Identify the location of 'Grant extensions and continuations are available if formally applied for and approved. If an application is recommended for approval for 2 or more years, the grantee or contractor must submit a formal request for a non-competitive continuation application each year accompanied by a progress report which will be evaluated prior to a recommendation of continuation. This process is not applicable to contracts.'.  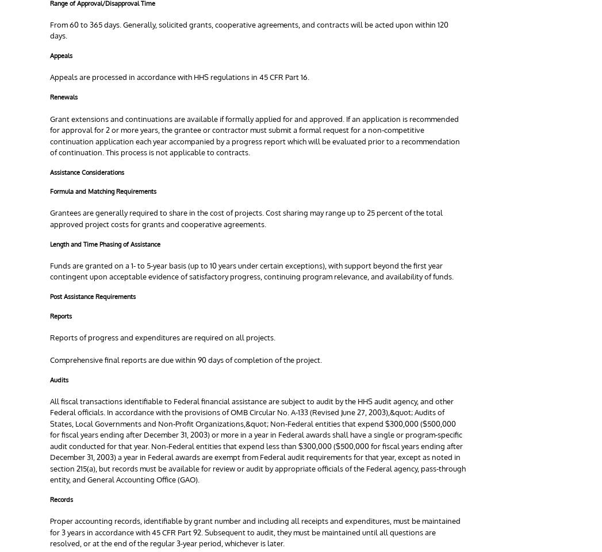
(255, 135).